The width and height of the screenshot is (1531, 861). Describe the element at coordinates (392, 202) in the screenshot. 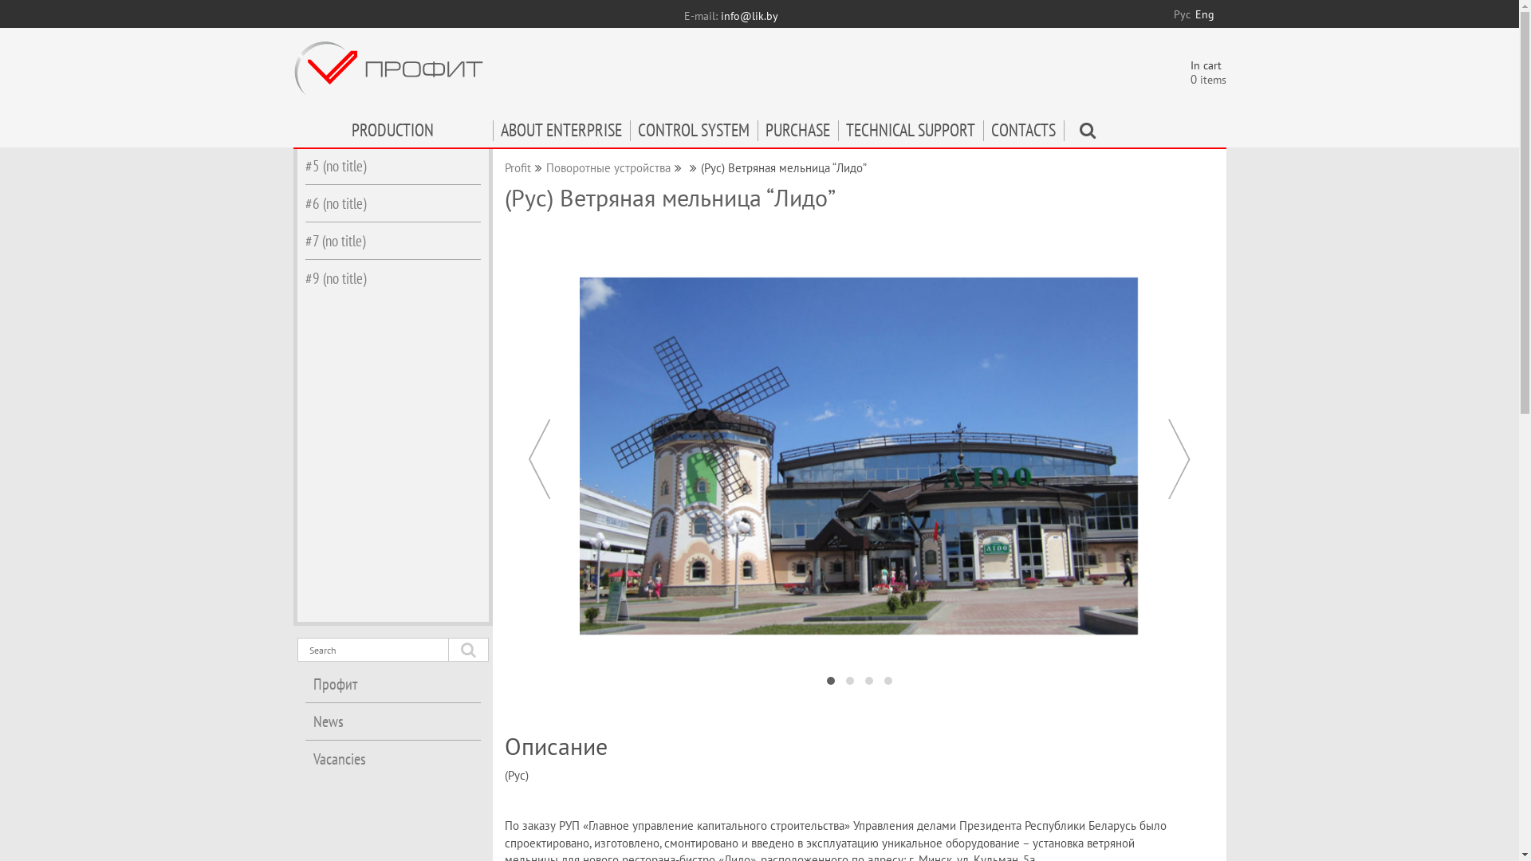

I see `'#6 (no title)'` at that location.